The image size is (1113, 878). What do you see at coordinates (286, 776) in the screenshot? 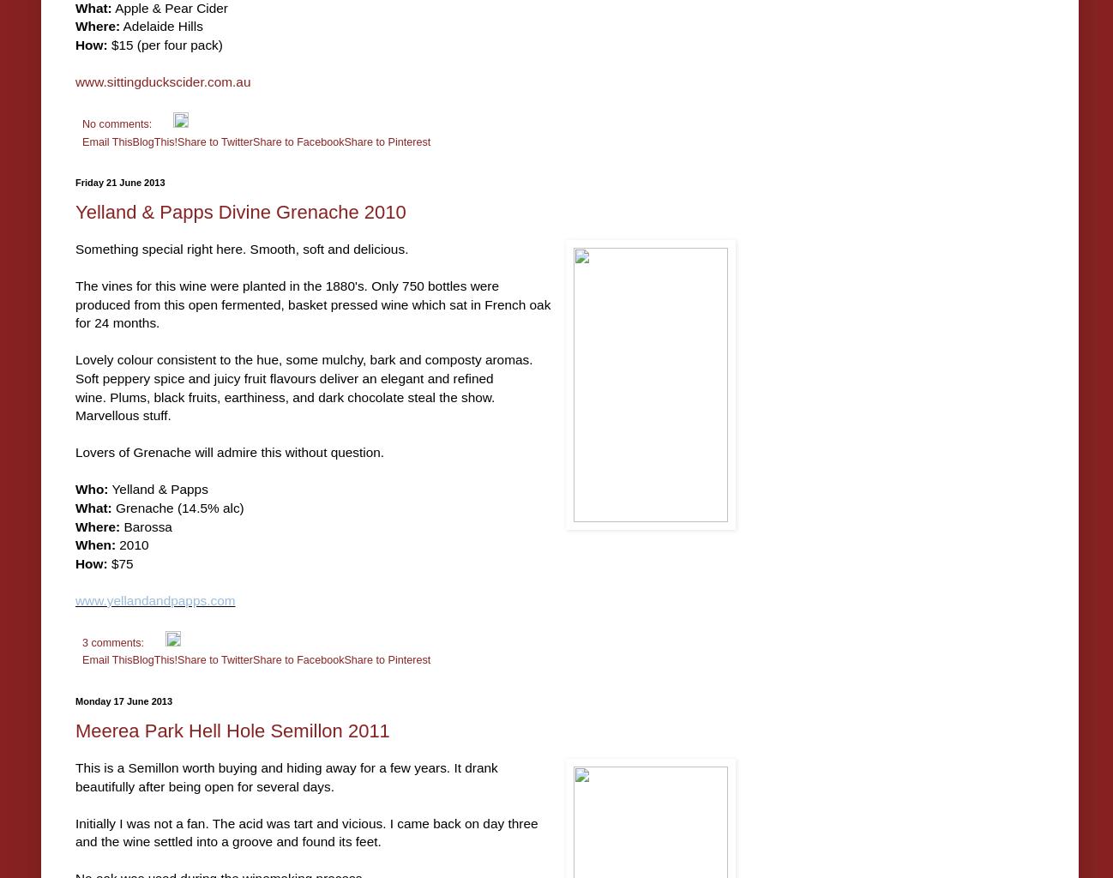
I see `'This is a Semillon worth buying and hiding away for a few years. It drank beautifully after being open for several days.'` at bounding box center [286, 776].